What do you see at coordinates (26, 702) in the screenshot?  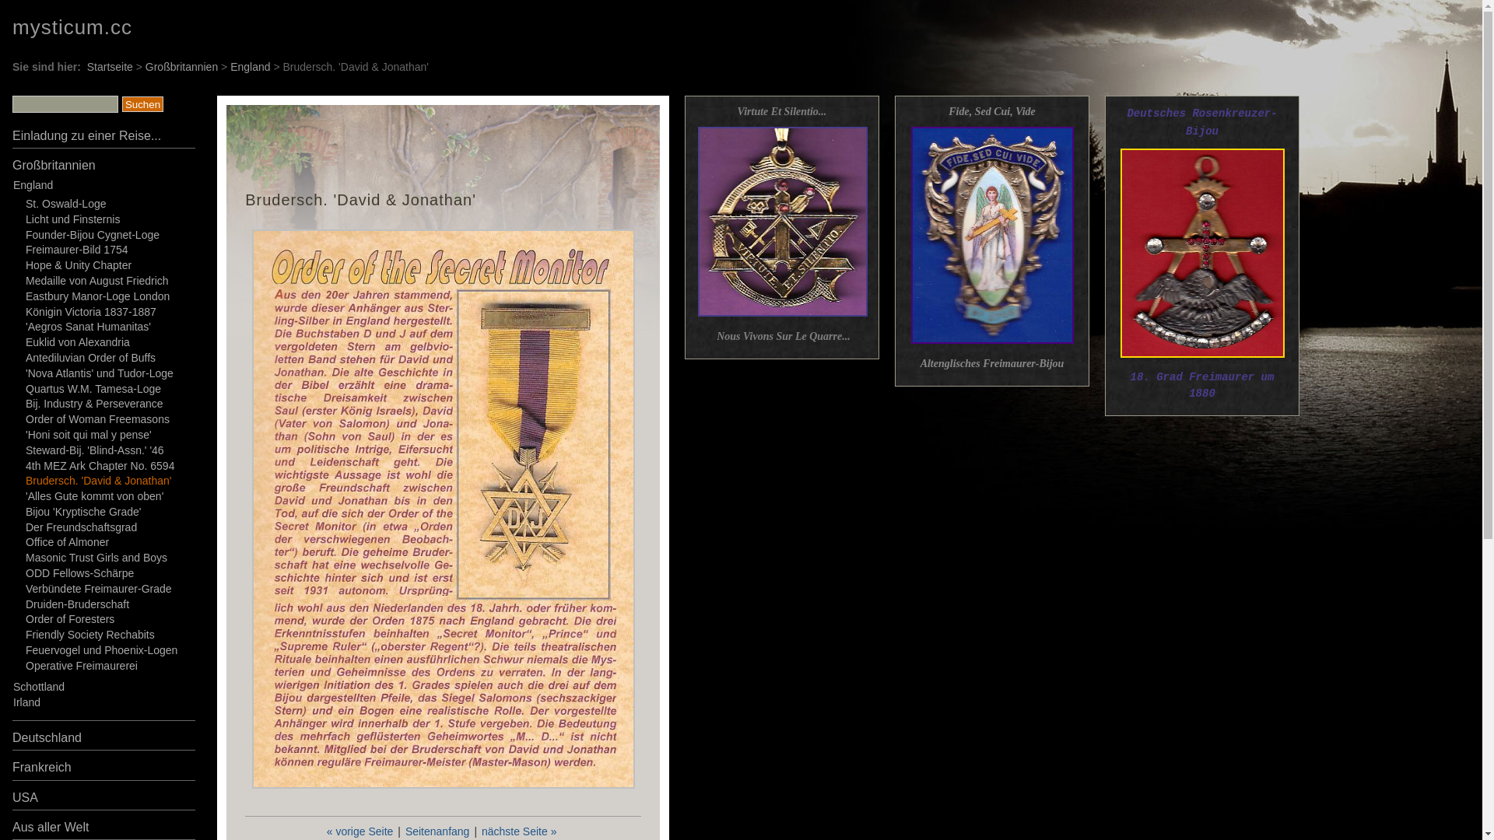 I see `'Irland'` at bounding box center [26, 702].